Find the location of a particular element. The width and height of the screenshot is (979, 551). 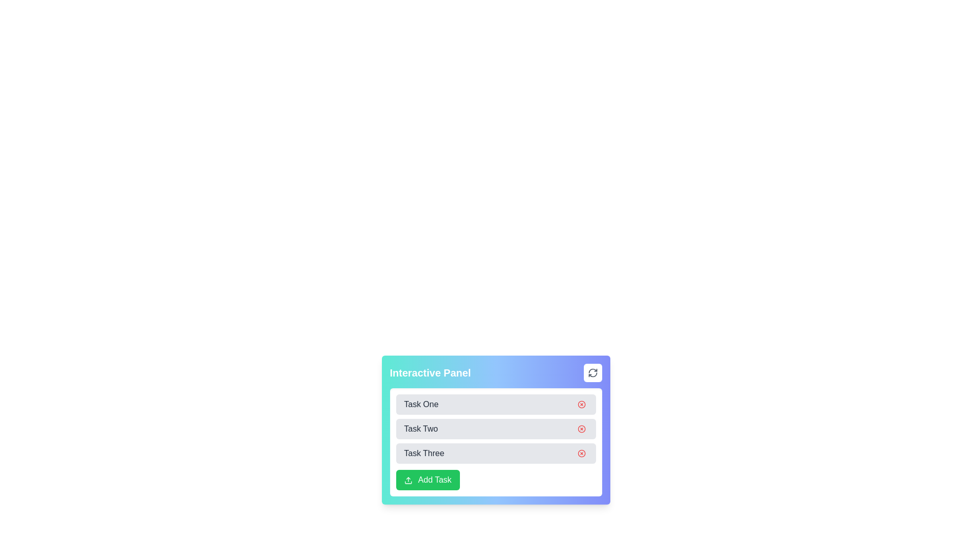

the SVG circle in the 'Task Two' row of the interactive panel is located at coordinates (581, 429).